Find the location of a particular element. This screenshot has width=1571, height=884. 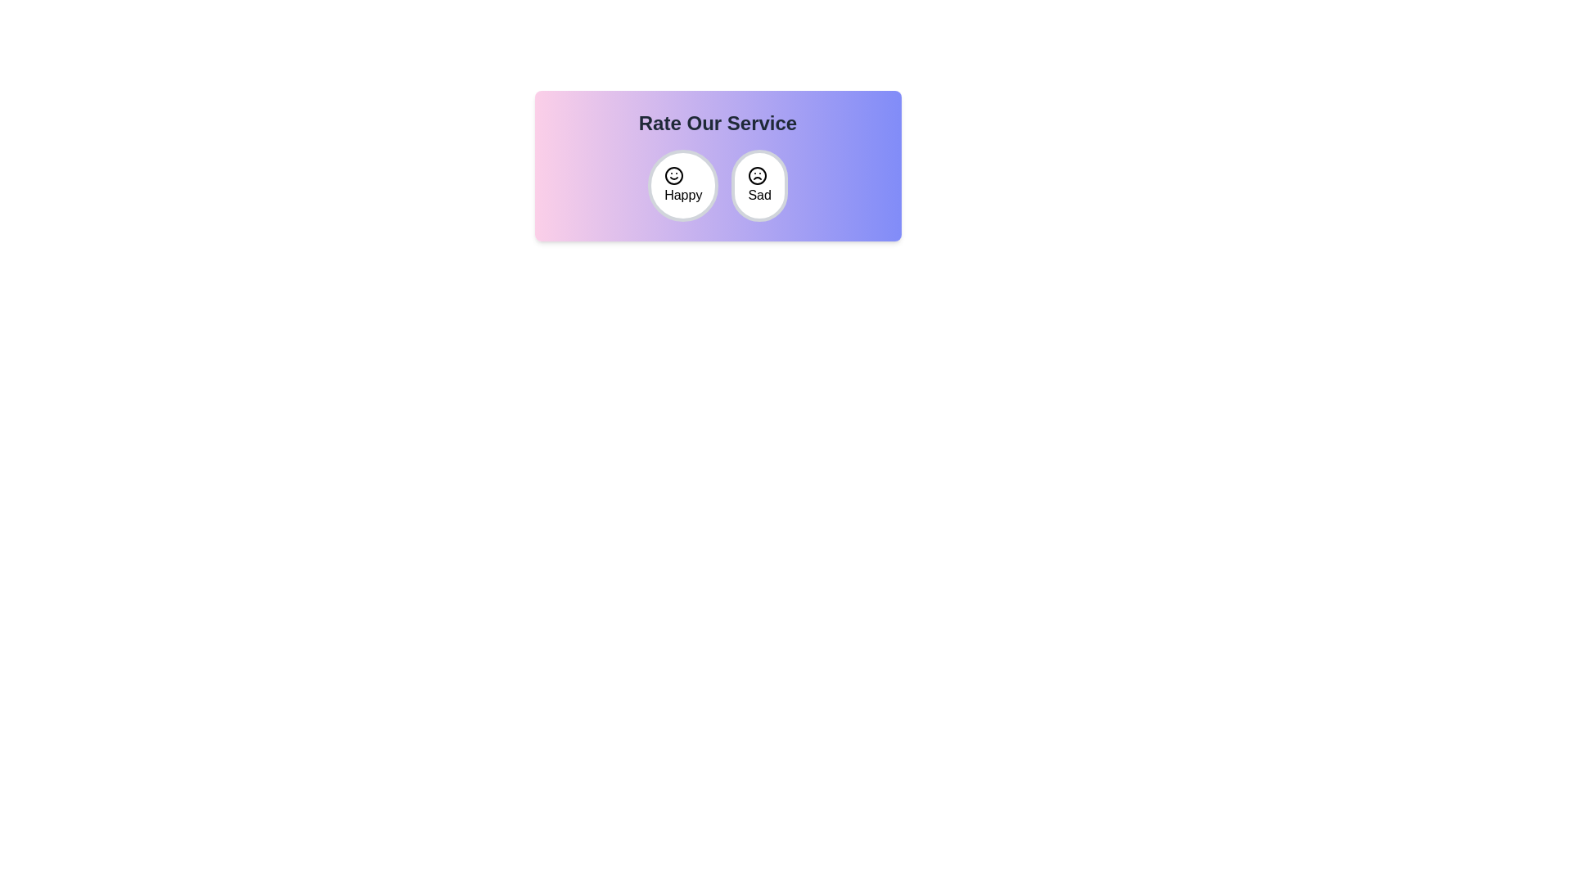

the Sad button to select it as the rating is located at coordinates (758, 185).